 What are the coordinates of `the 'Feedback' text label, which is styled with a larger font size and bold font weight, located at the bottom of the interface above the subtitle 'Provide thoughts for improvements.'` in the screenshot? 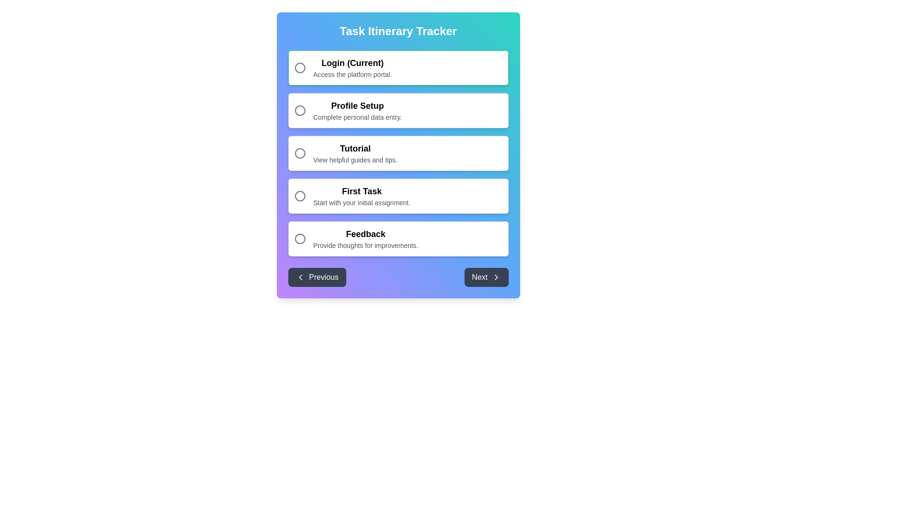 It's located at (365, 234).